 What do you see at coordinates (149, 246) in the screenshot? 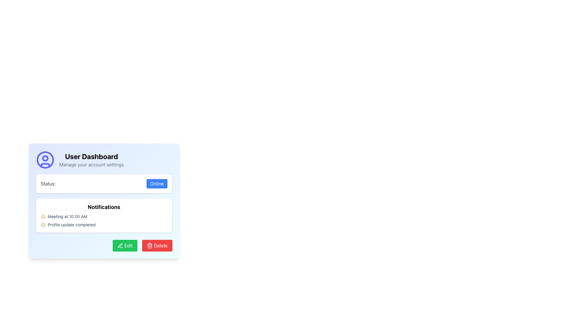
I see `the delete icon located inside the 'Delete' button, to the left of the text label 'Delete'` at bounding box center [149, 246].